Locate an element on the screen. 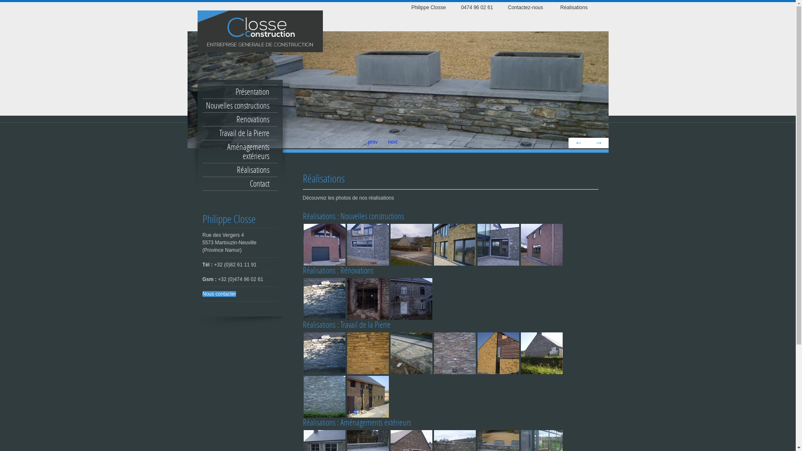  '0474 96 02 61' is located at coordinates (477, 8).